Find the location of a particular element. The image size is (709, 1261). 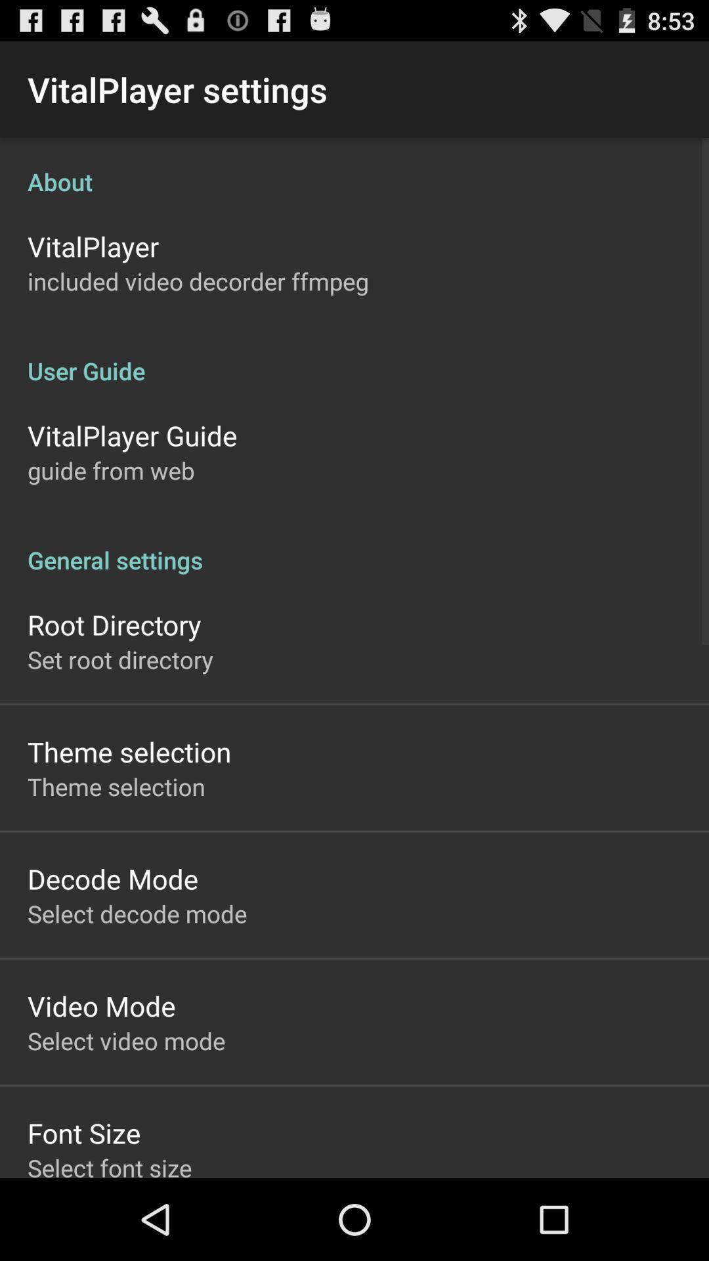

the item below vitalplayer guide icon is located at coordinates (110, 470).